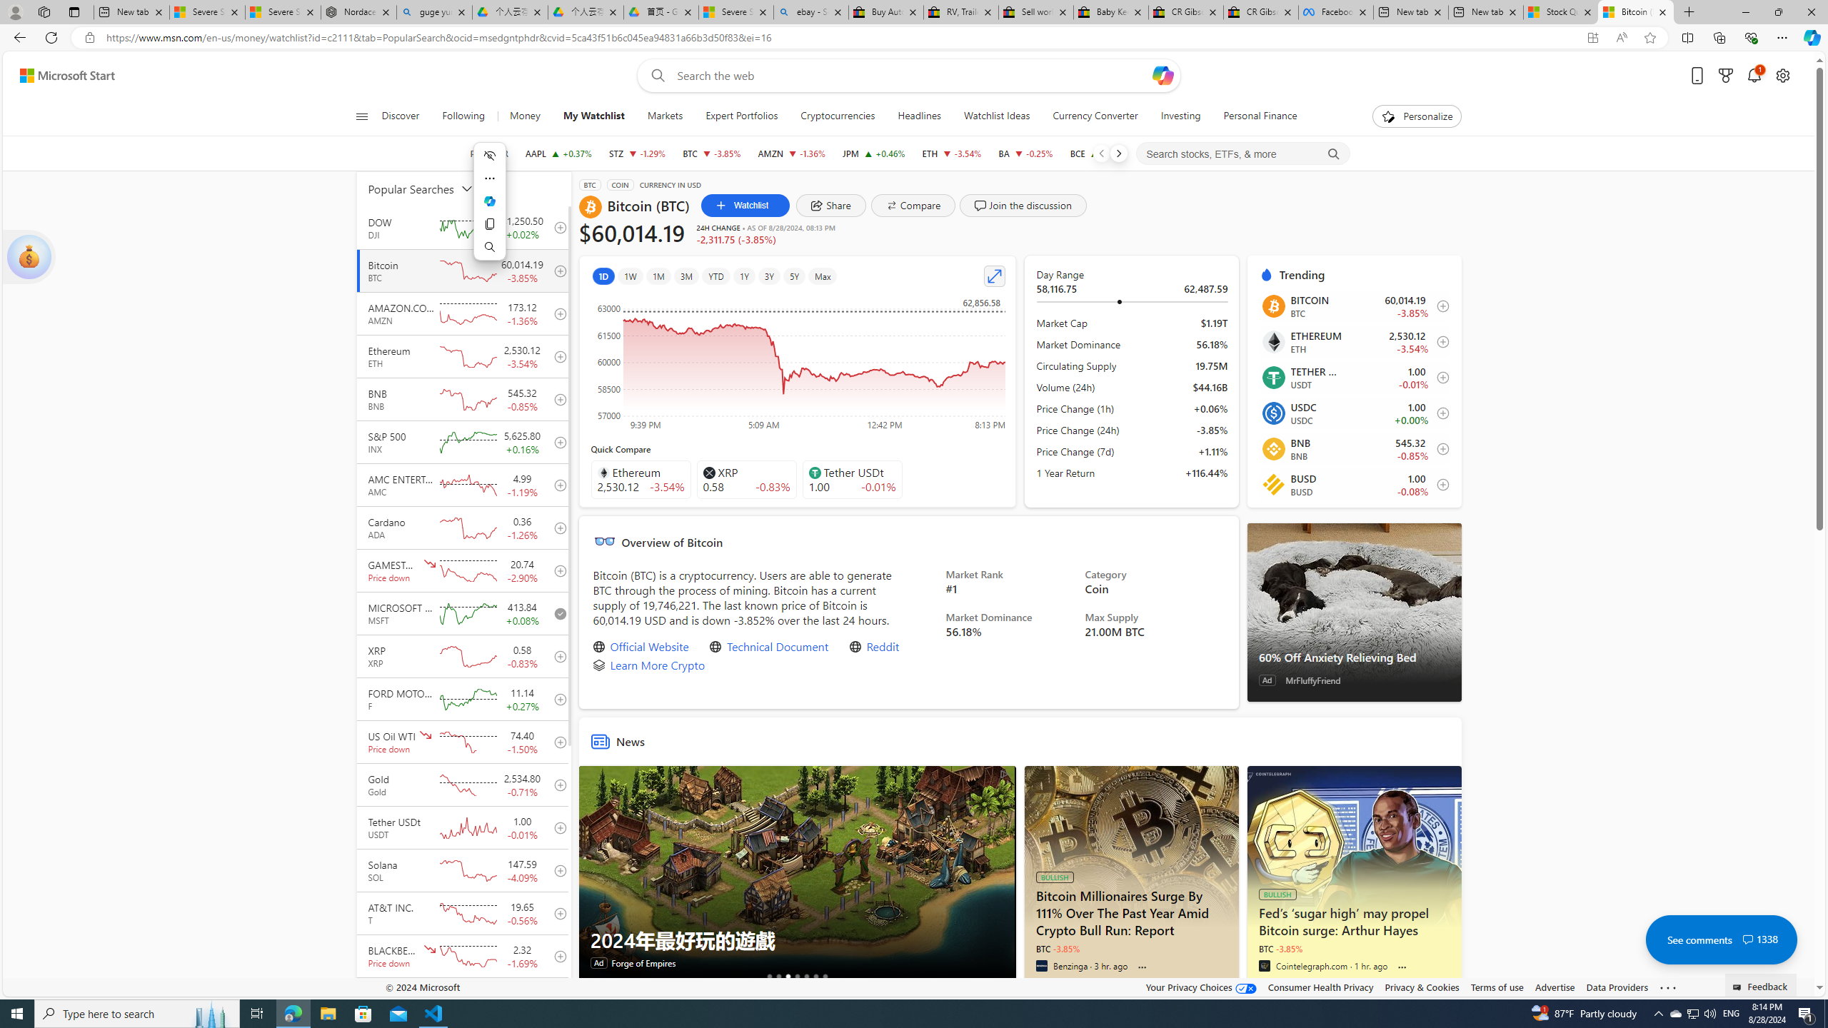 The width and height of the screenshot is (1828, 1028). I want to click on 'Next', so click(1118, 153).